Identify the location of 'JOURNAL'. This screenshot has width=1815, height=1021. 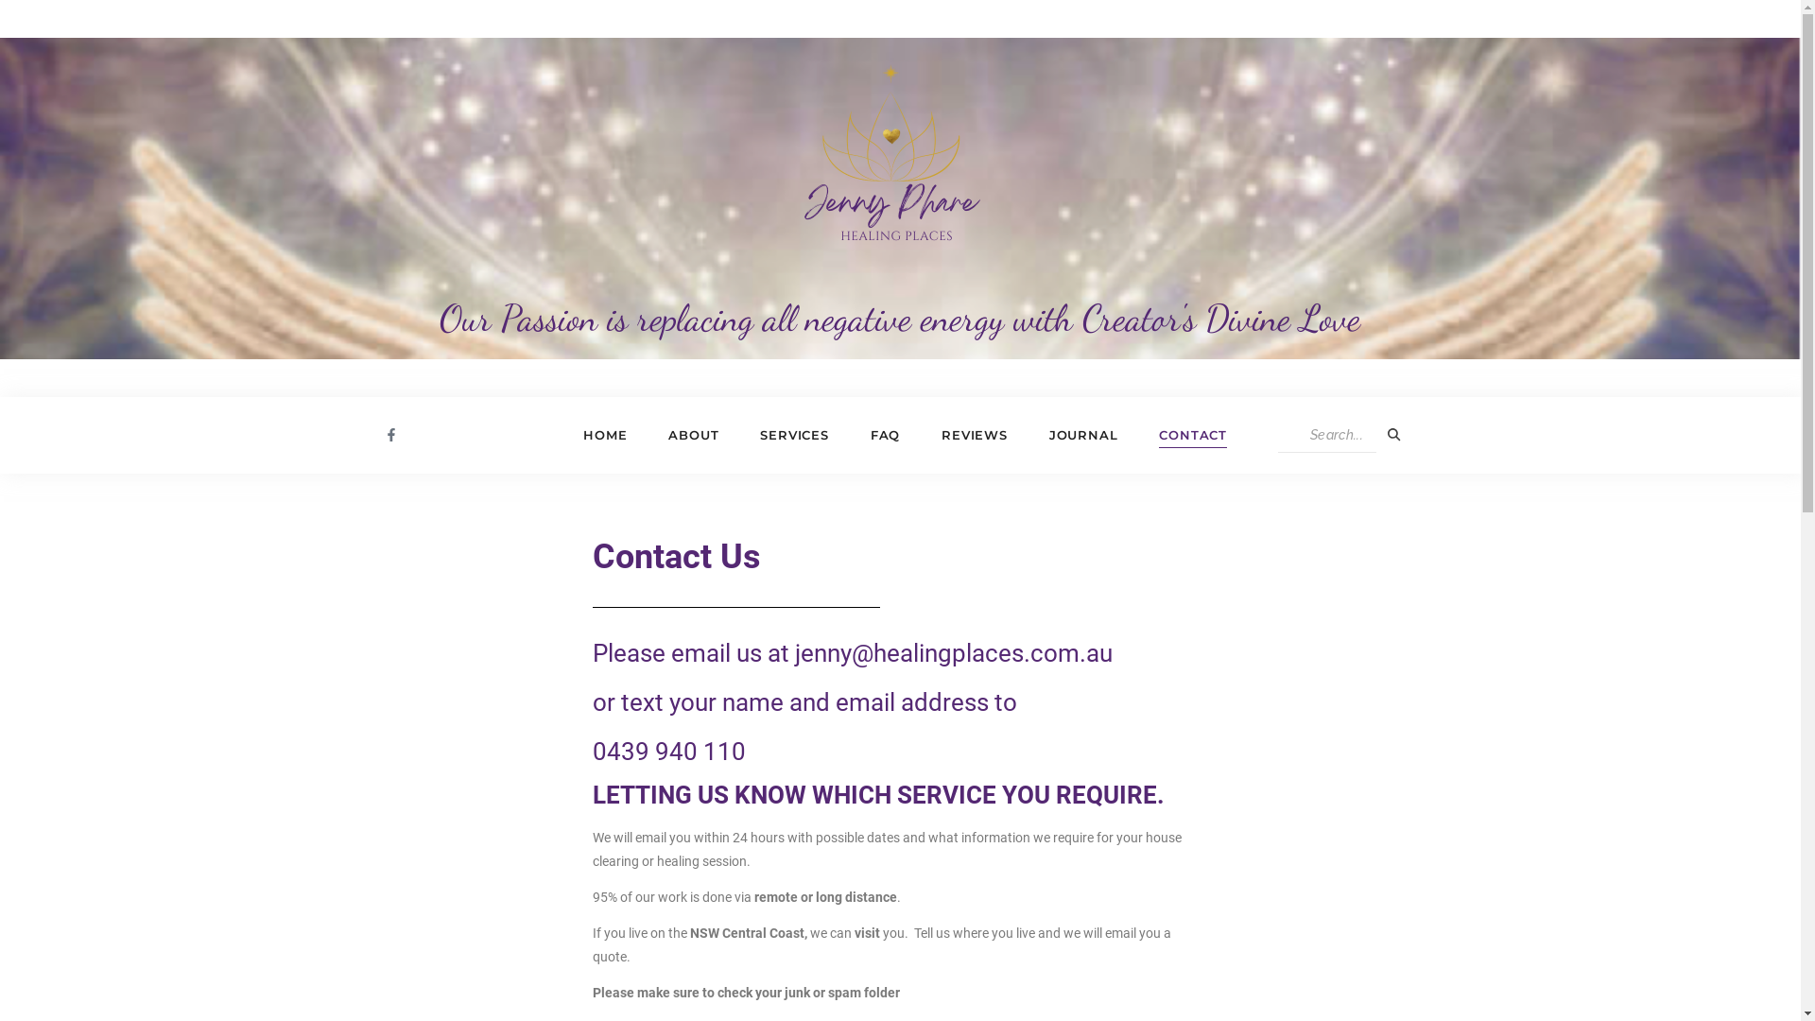
(1037, 435).